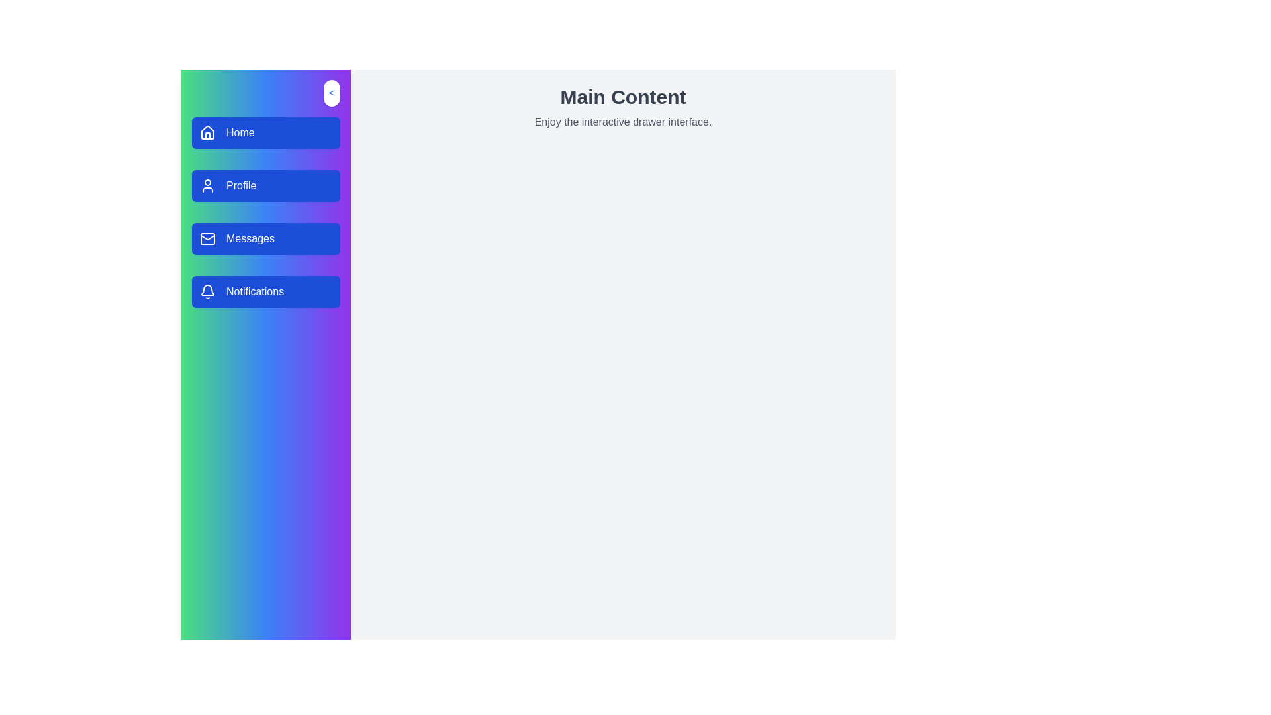  I want to click on the bell icon representing notifications, so click(207, 291).